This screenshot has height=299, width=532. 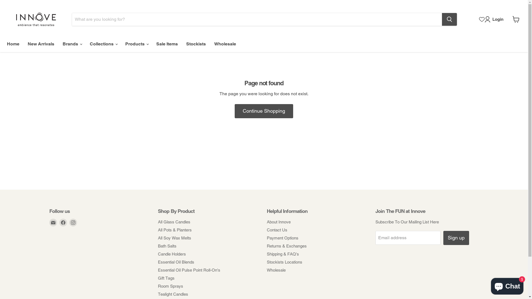 I want to click on 'Stockists Locations', so click(x=266, y=262).